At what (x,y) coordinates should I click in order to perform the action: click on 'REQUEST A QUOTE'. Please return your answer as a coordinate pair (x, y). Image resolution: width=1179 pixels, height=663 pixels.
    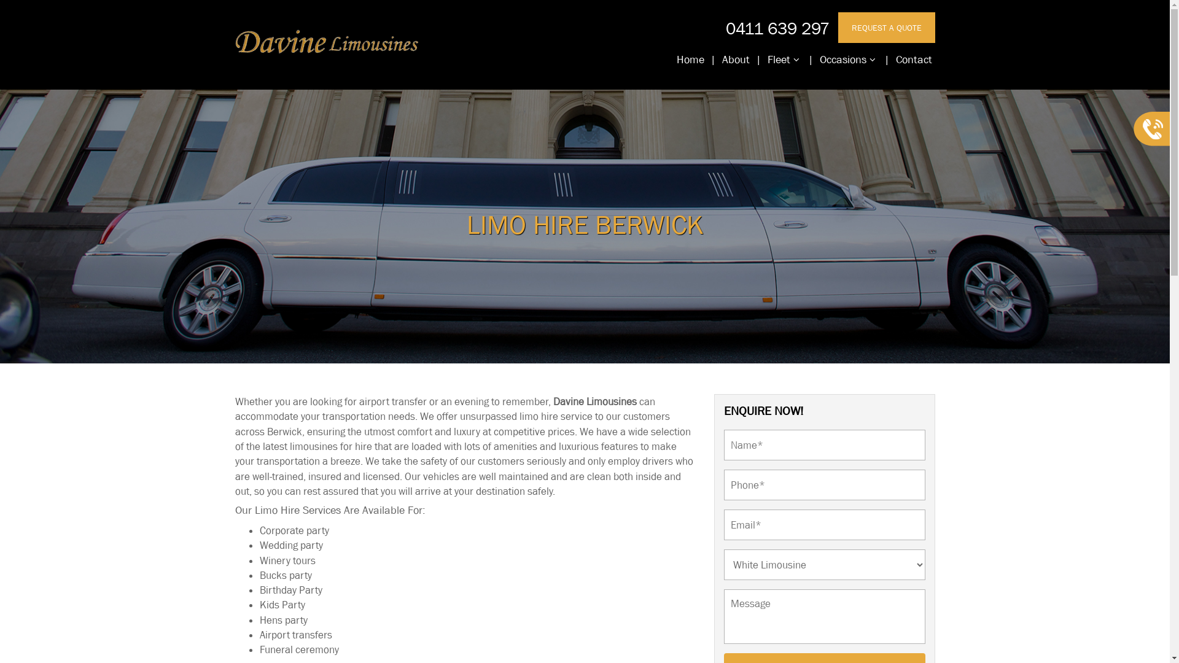
    Looking at the image, I should click on (886, 28).